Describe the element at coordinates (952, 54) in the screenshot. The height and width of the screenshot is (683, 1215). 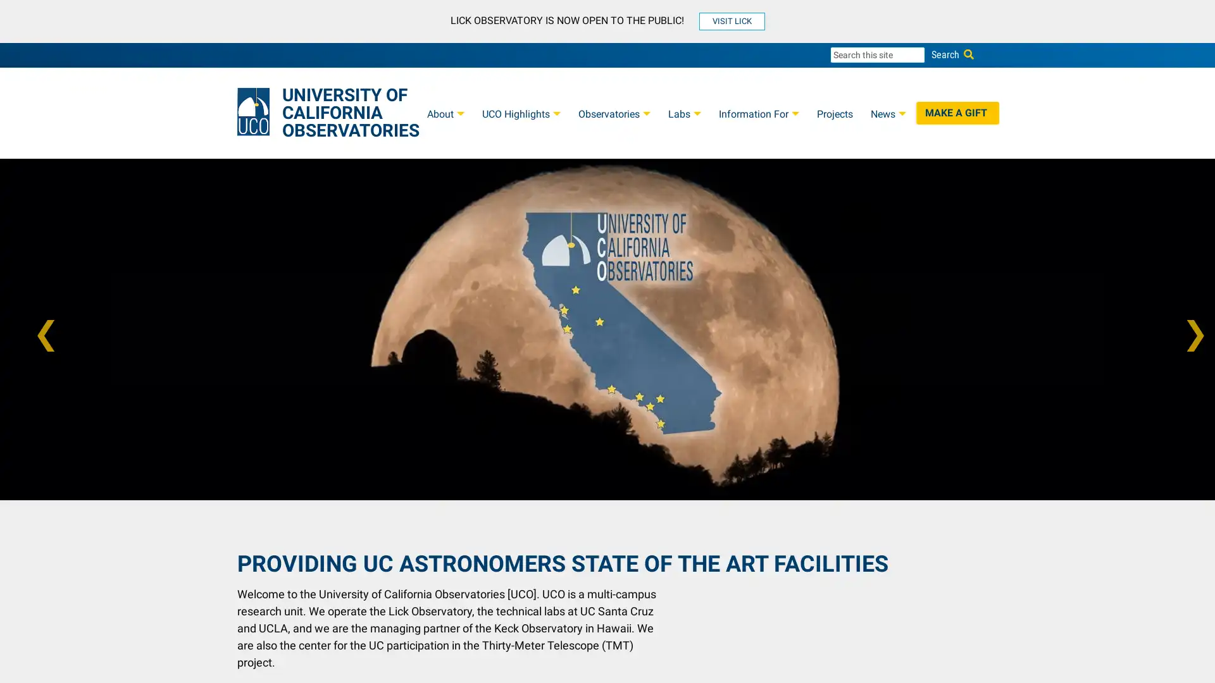
I see `Search` at that location.